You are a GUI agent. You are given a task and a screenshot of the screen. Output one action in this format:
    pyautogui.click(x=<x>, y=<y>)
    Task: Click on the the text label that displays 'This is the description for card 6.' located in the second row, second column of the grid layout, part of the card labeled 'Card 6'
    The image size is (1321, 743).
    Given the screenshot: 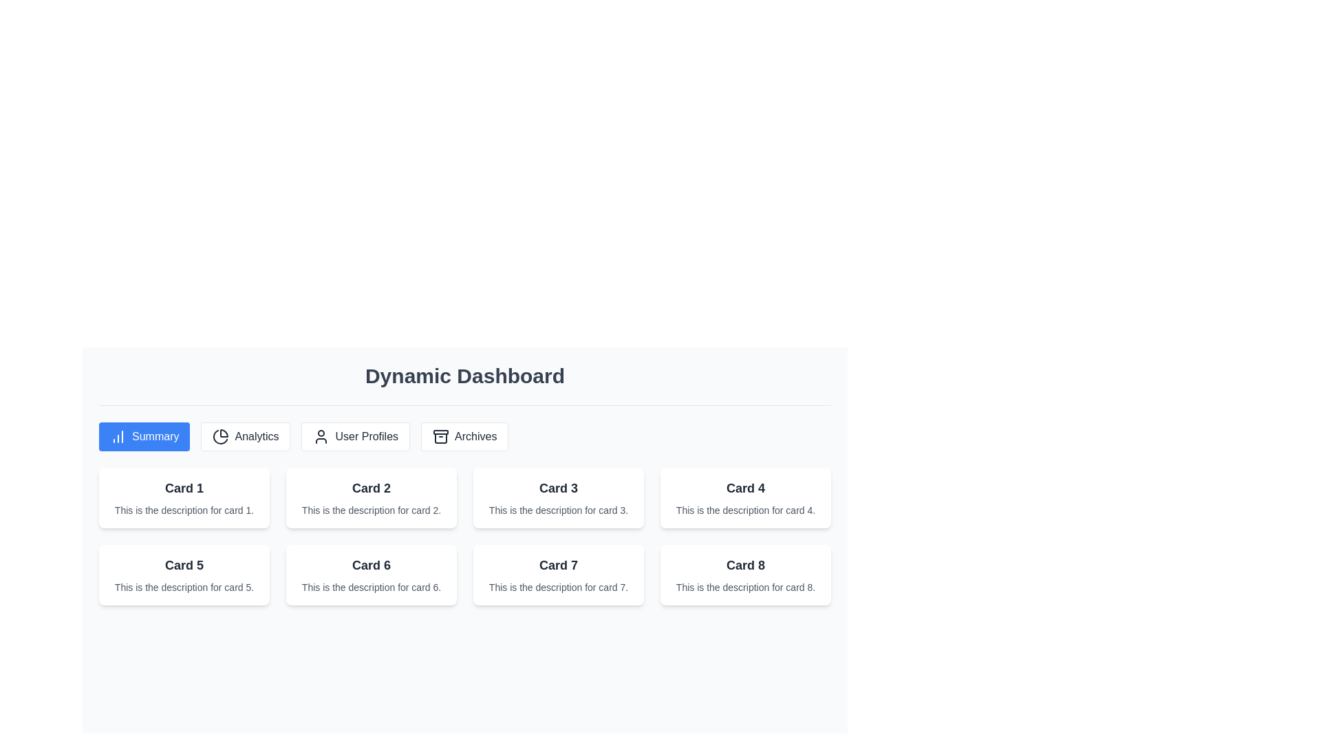 What is the action you would take?
    pyautogui.click(x=371, y=587)
    